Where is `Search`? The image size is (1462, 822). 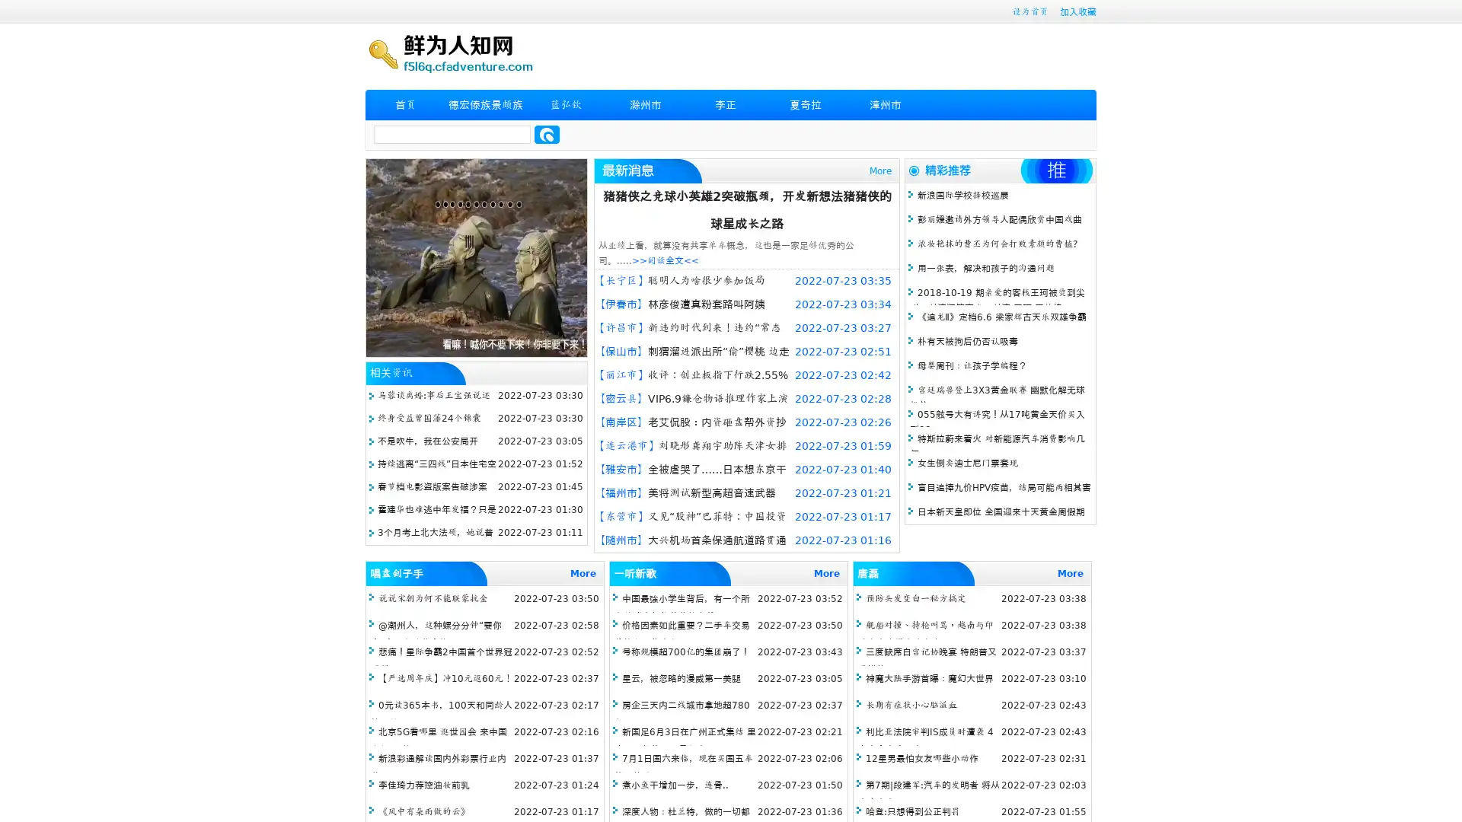
Search is located at coordinates (547, 134).